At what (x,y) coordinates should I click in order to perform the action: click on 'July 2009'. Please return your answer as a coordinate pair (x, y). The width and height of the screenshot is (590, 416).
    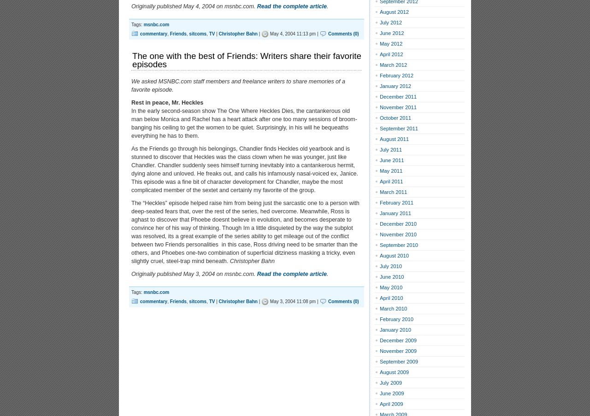
    Looking at the image, I should click on (391, 382).